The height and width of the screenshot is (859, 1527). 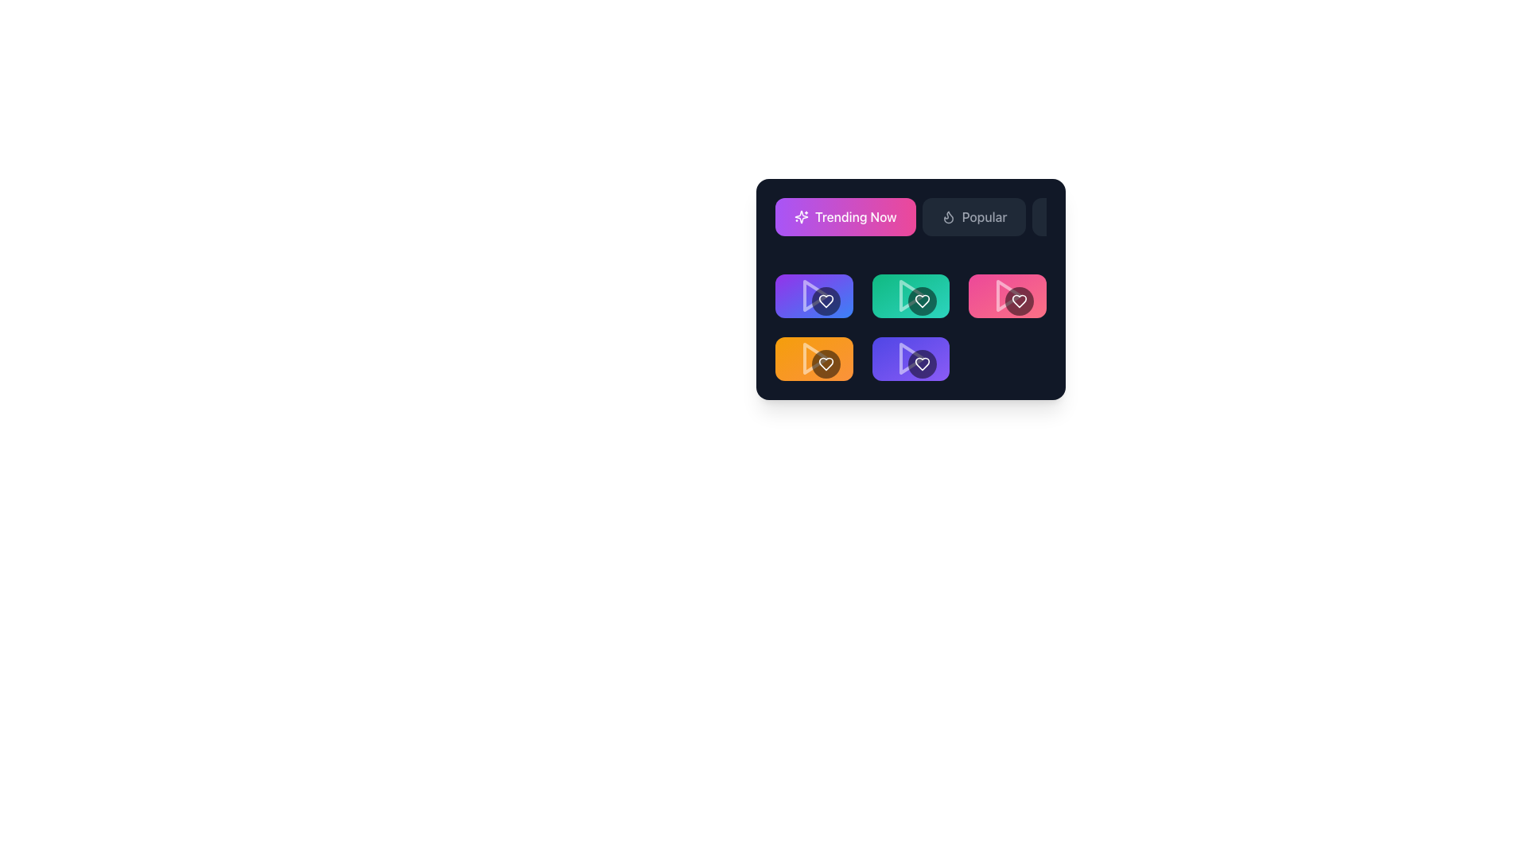 What do you see at coordinates (911, 359) in the screenshot?
I see `the interactive media card with a colorful gradient background and play button icon within the grid` at bounding box center [911, 359].